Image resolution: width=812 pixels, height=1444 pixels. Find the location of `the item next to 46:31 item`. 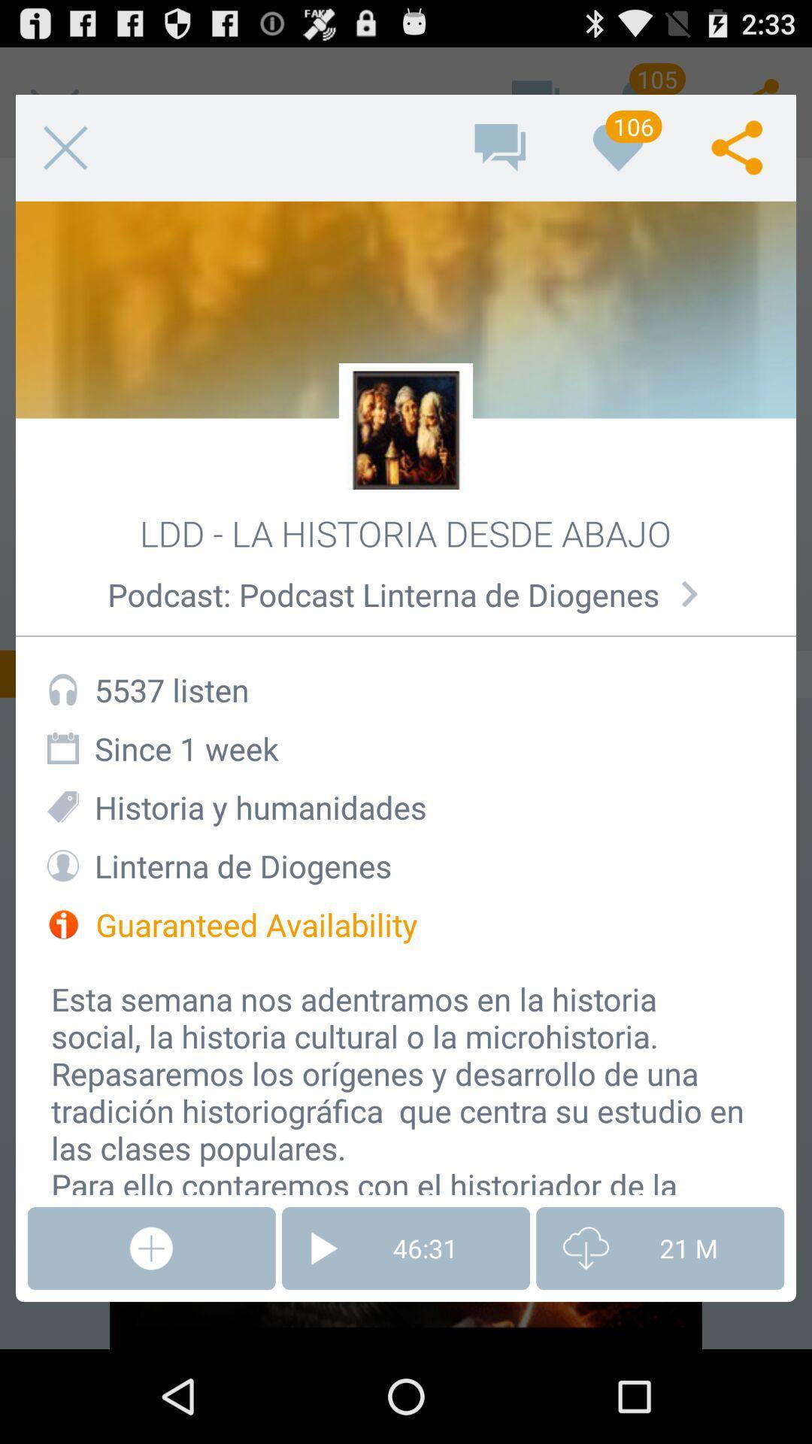

the item next to 46:31 item is located at coordinates (659, 1248).